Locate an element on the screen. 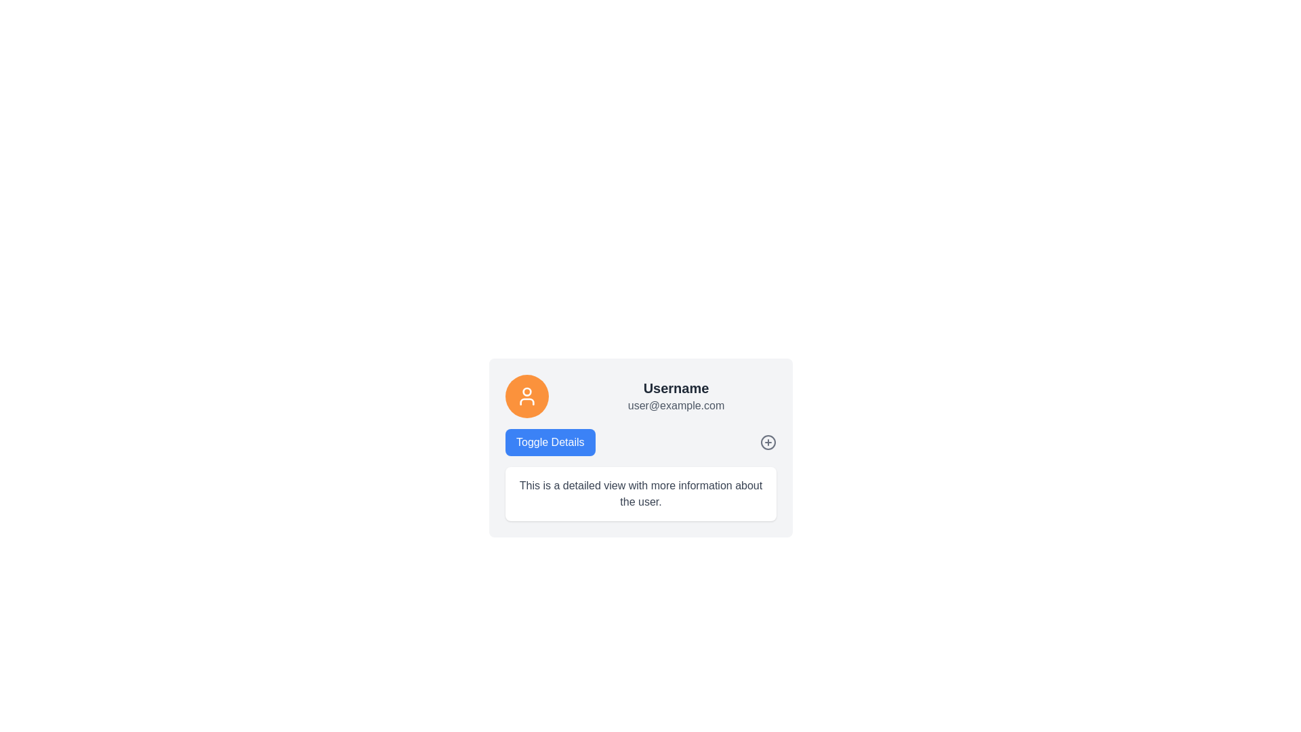  the email address text label displayed in the user's profile information, located below the 'Username' heading in the top-right area of the card-like UI is located at coordinates (676, 405).